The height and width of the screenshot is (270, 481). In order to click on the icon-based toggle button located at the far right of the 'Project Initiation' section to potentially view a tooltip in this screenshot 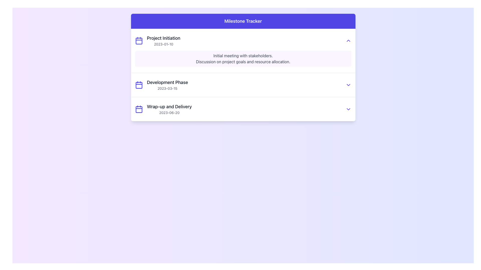, I will do `click(348, 40)`.